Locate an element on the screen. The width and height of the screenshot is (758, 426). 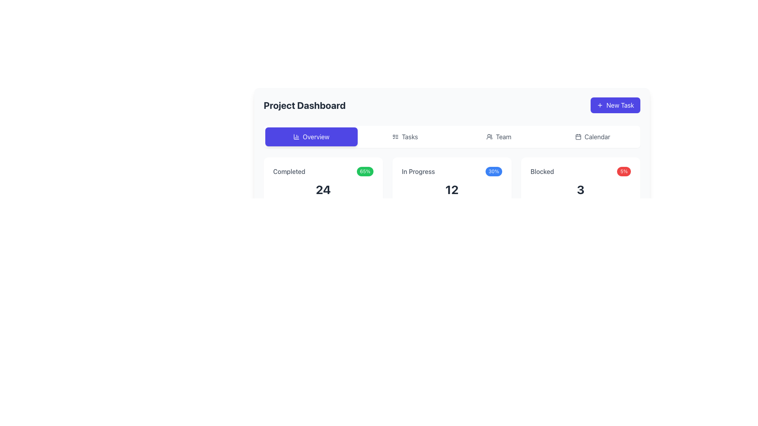
the progress indicator element displaying 'In Progress' and '30%' located at the top of the card section is located at coordinates (452, 171).